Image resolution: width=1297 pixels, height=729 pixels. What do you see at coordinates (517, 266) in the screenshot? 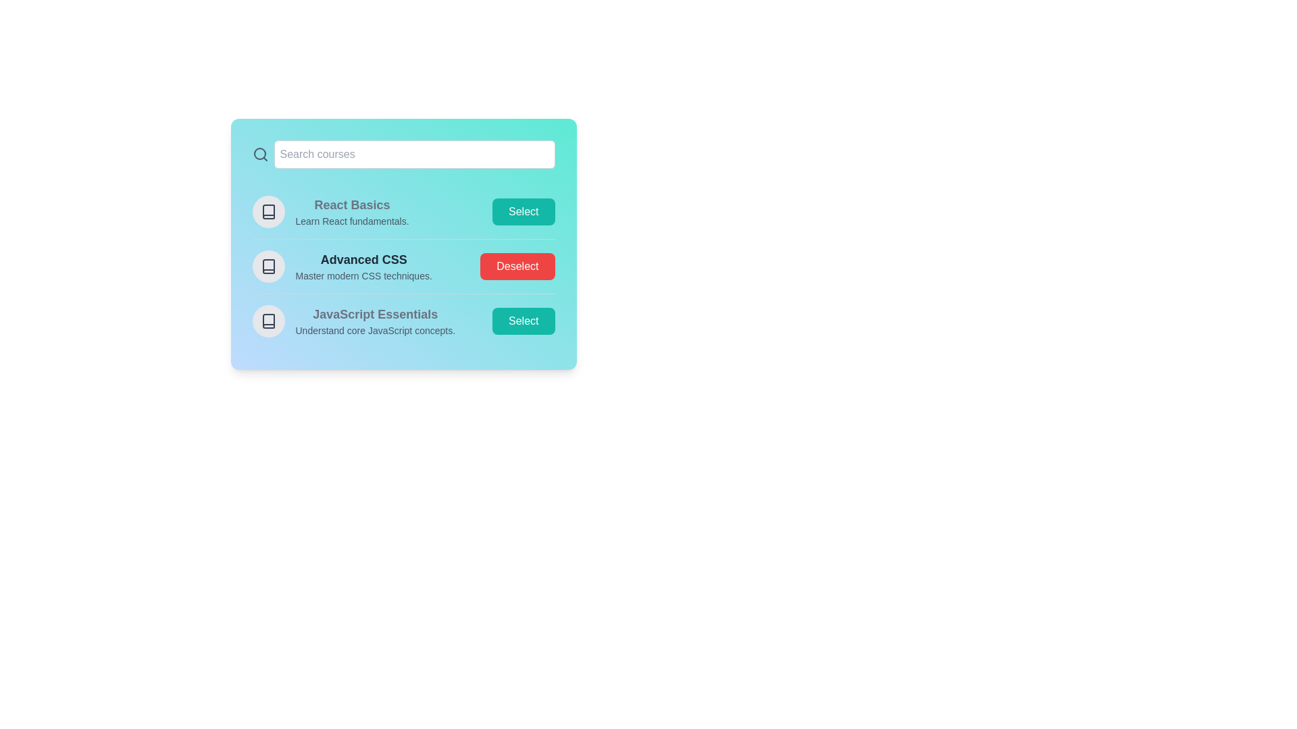
I see `the 'Deselect' button for the 'Advanced CSS' course` at bounding box center [517, 266].